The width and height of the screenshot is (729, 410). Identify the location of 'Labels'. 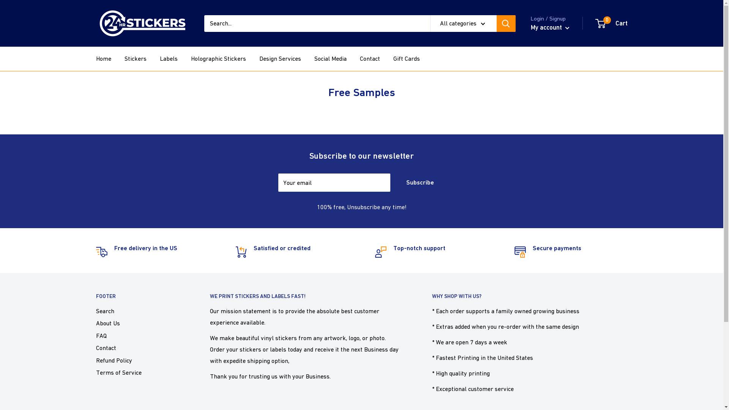
(168, 58).